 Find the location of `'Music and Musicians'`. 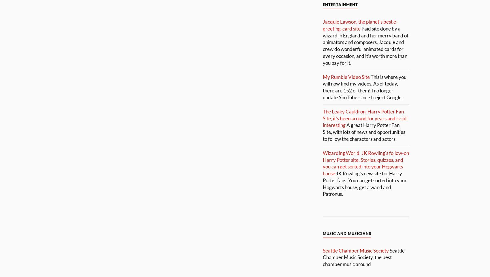

'Music and Musicians' is located at coordinates (346, 233).